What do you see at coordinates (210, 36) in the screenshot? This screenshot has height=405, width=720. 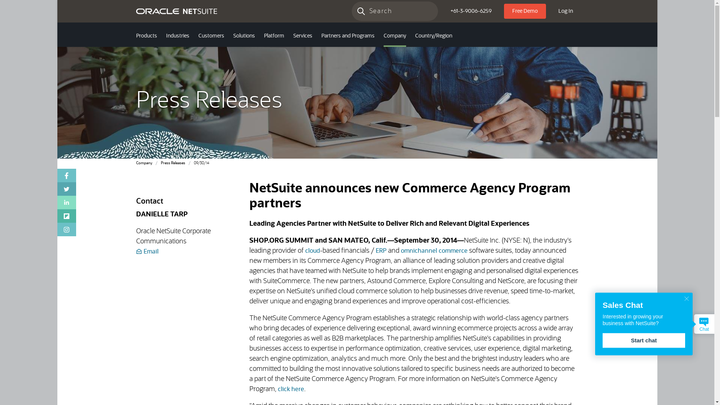 I see `'Customers'` at bounding box center [210, 36].